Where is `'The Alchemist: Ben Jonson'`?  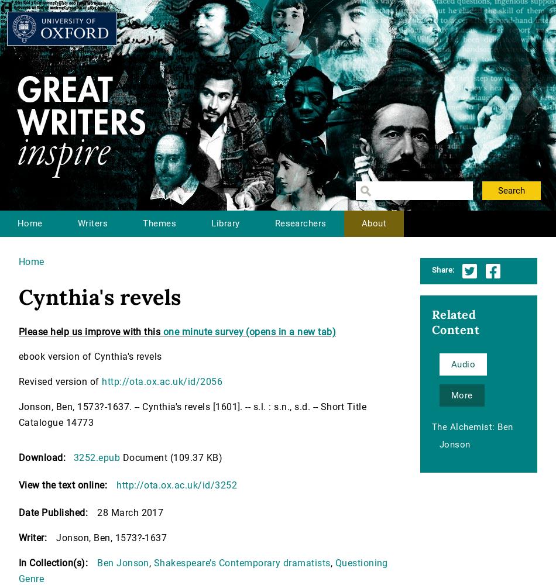
'The Alchemist: Ben Jonson' is located at coordinates (471, 435).